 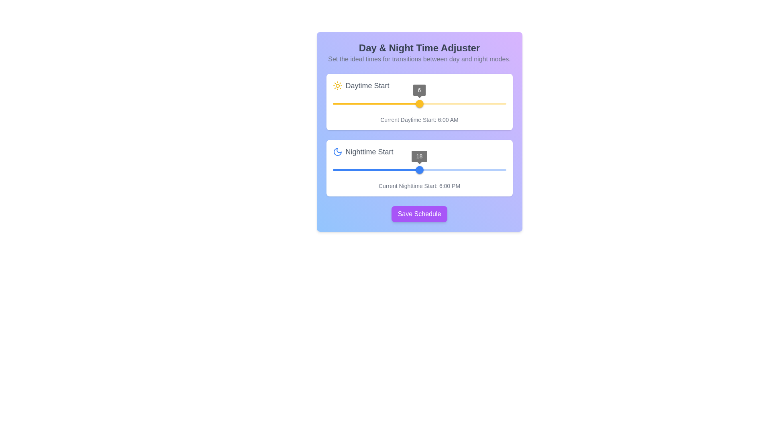 I want to click on the nighttime start hour, so click(x=388, y=160).